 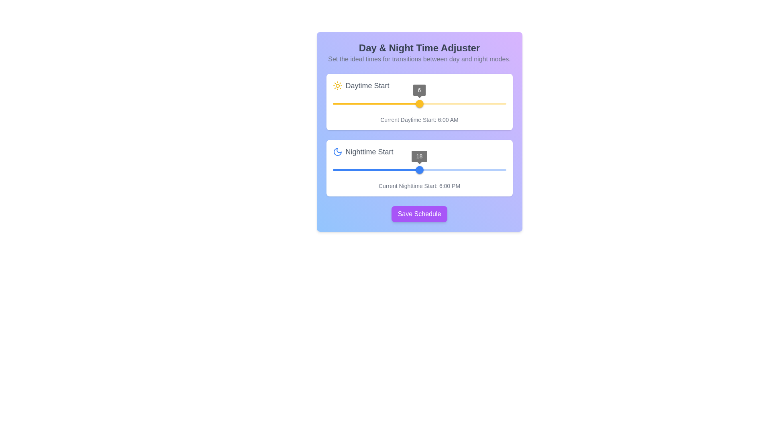 I want to click on the nighttime start hour, so click(x=388, y=160).